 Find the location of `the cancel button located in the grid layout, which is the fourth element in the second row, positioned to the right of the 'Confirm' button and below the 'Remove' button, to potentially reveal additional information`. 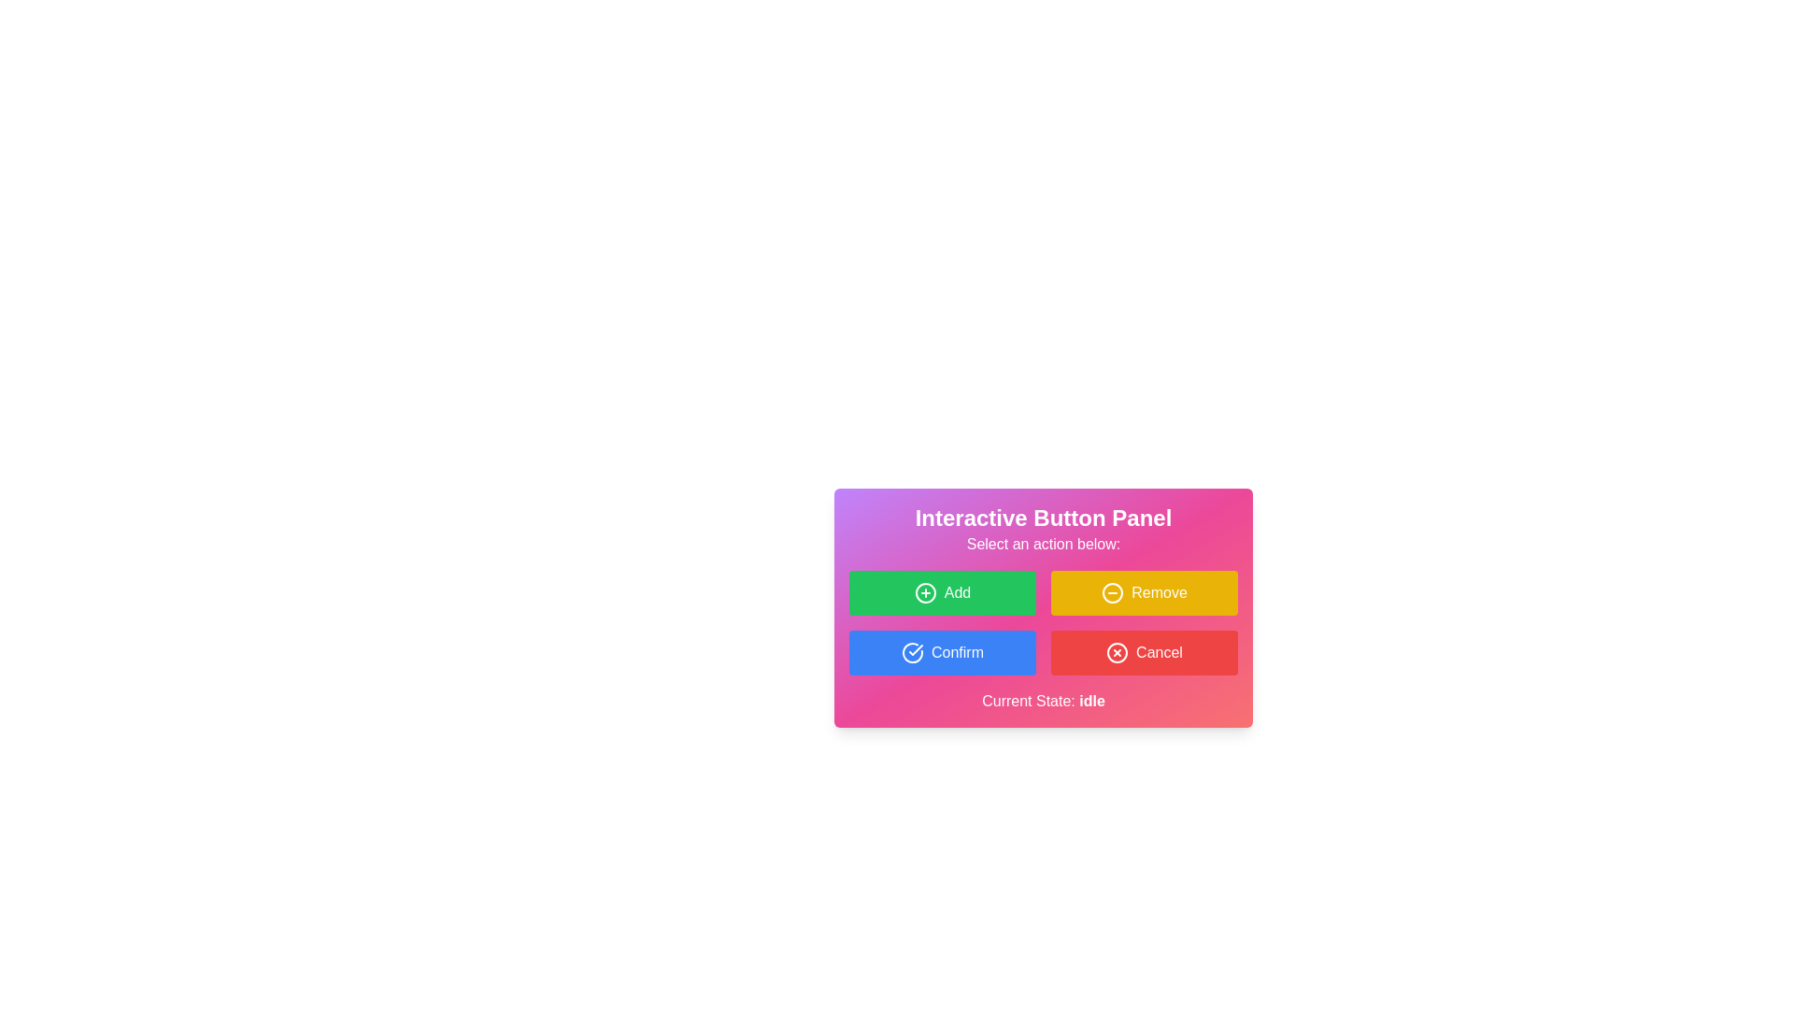

the cancel button located in the grid layout, which is the fourth element in the second row, positioned to the right of the 'Confirm' button and below the 'Remove' button, to potentially reveal additional information is located at coordinates (1143, 651).